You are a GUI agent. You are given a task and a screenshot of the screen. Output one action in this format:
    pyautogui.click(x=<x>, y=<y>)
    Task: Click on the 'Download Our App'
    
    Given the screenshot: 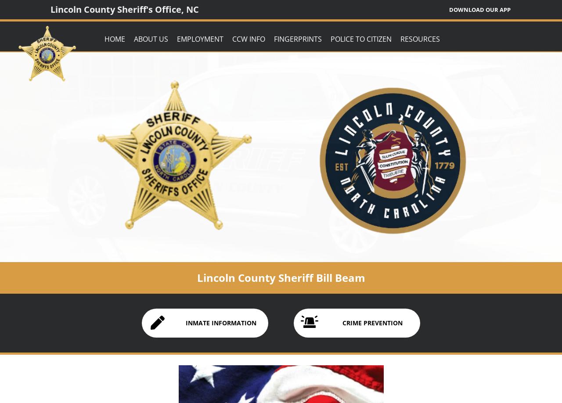 What is the action you would take?
    pyautogui.click(x=479, y=10)
    